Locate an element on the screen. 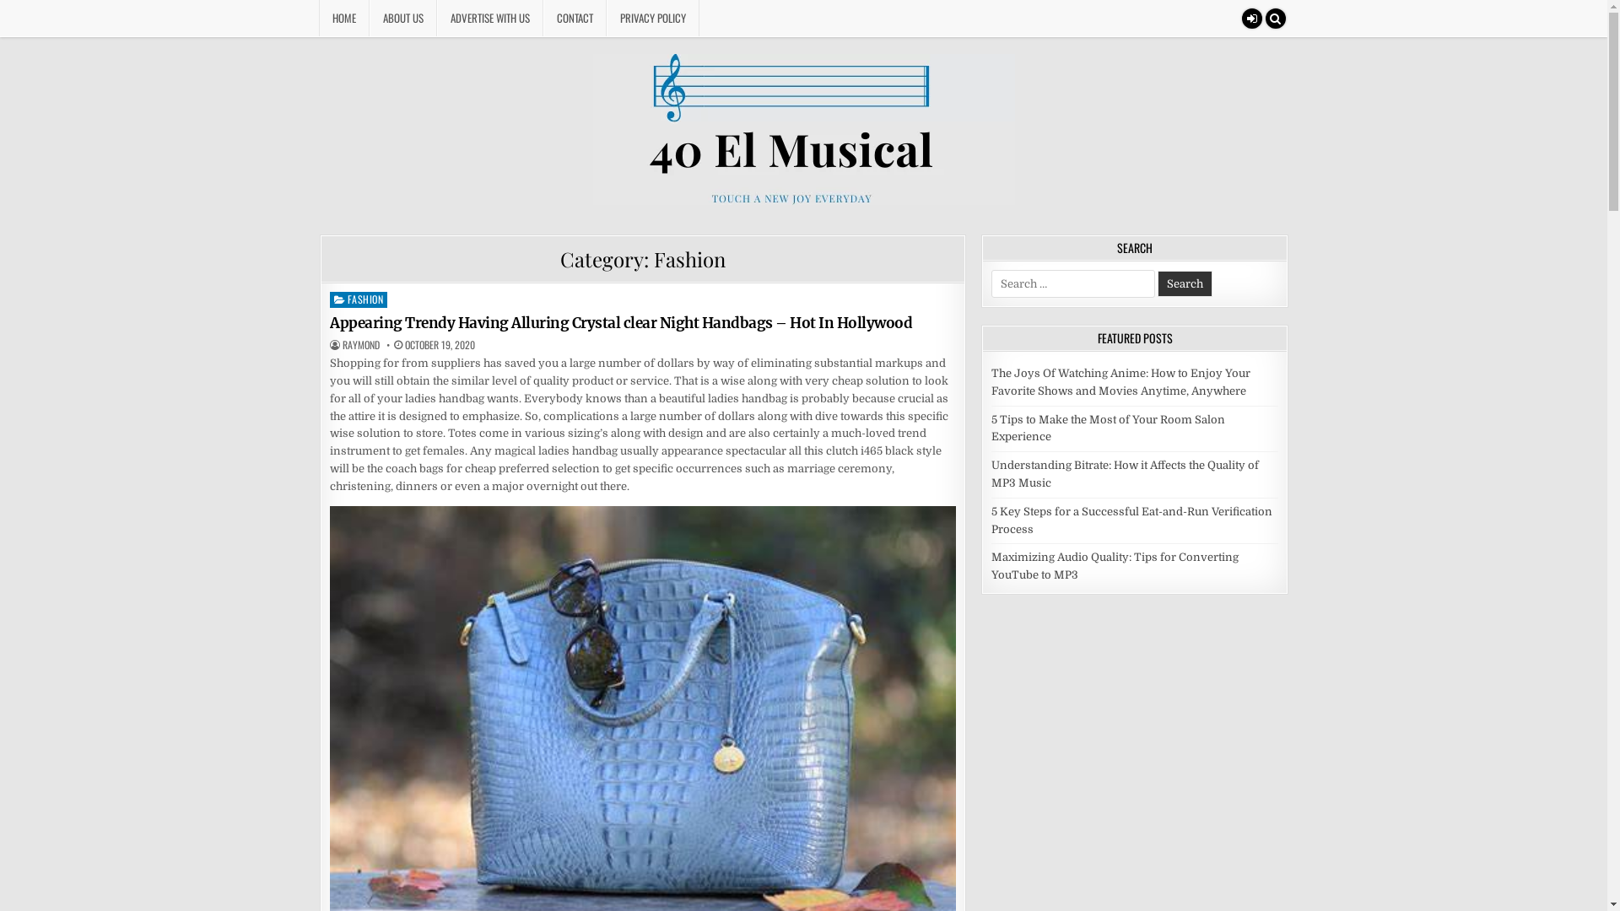  'Login / Register' is located at coordinates (1251, 19).